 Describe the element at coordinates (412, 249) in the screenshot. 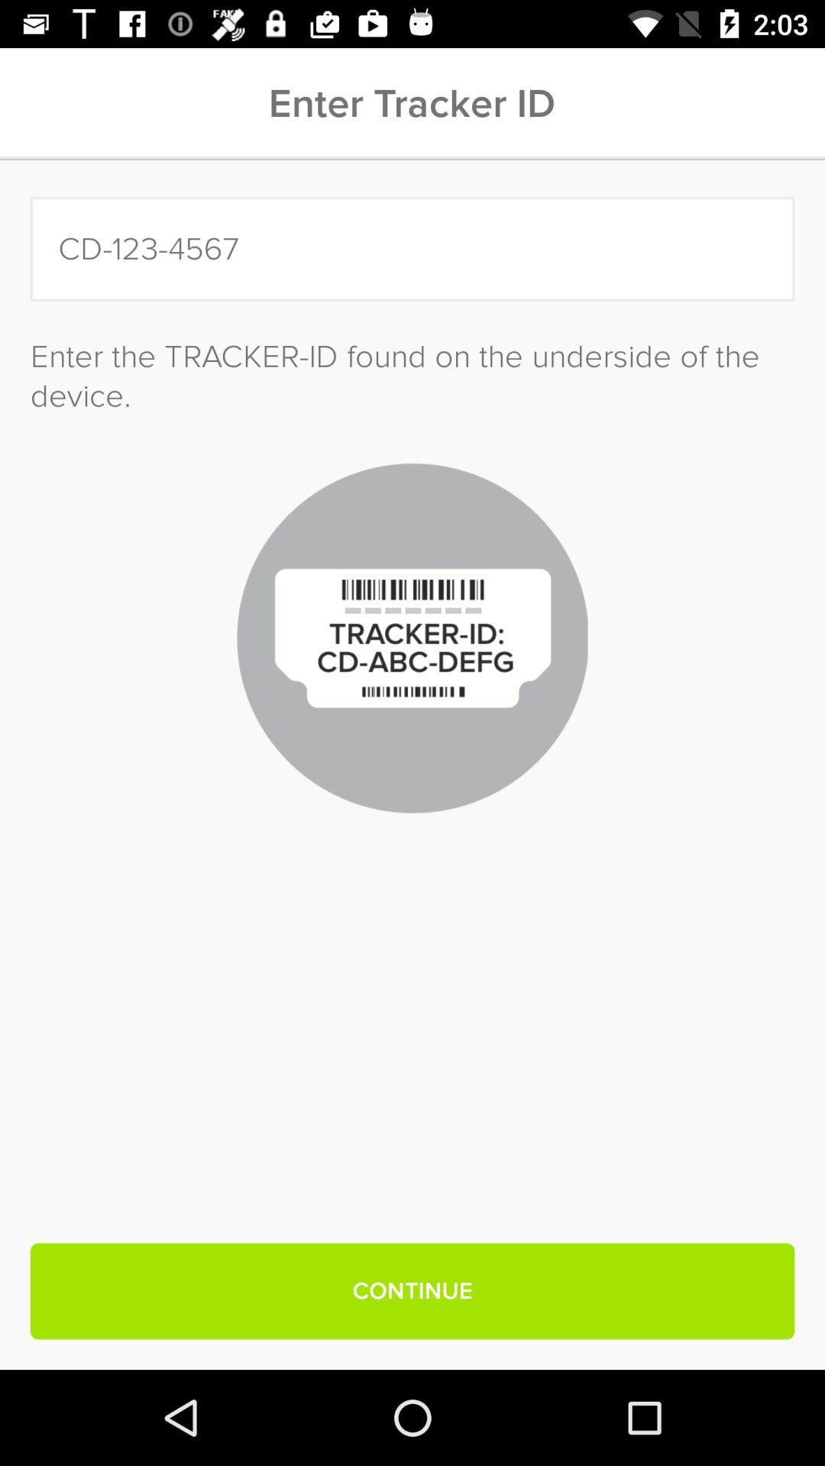

I see `icon above the enter the tracker` at that location.